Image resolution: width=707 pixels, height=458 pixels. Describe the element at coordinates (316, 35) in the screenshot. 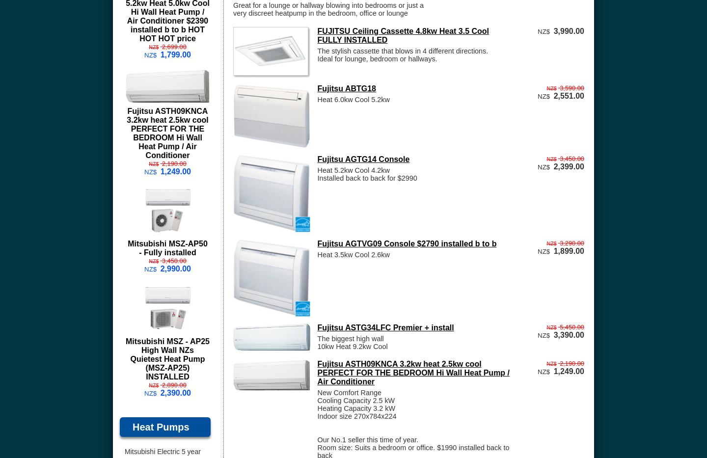

I see `'FUJITSU Ceiling Cassette 4.8kw Heat 3.5 Cool FULLY INSTALLED'` at that location.